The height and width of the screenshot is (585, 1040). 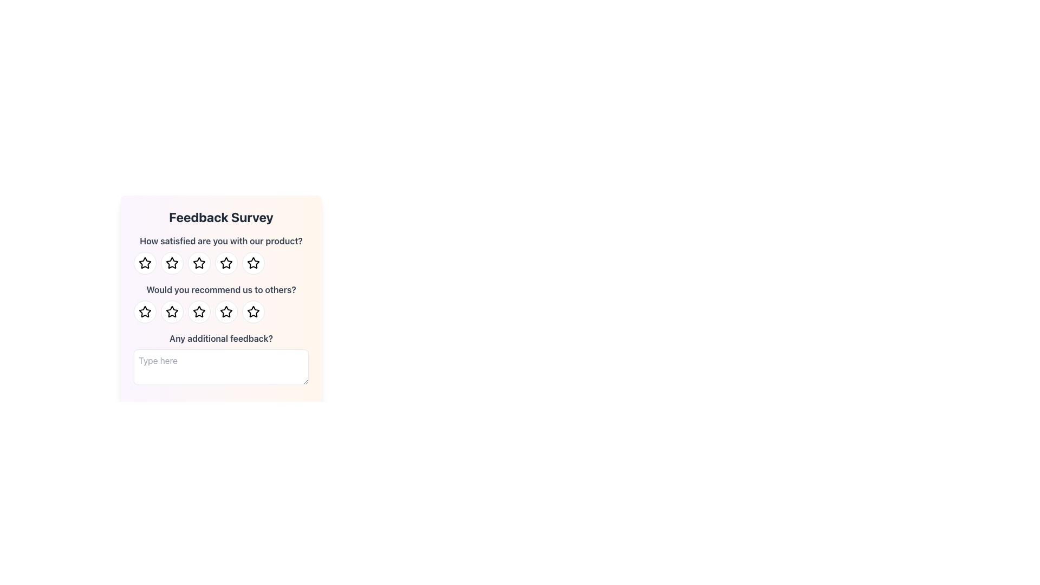 What do you see at coordinates (220, 255) in the screenshot?
I see `text header that says 'How satisfied are you with our product?' positioned above the star rating icons in the feedback survey` at bounding box center [220, 255].